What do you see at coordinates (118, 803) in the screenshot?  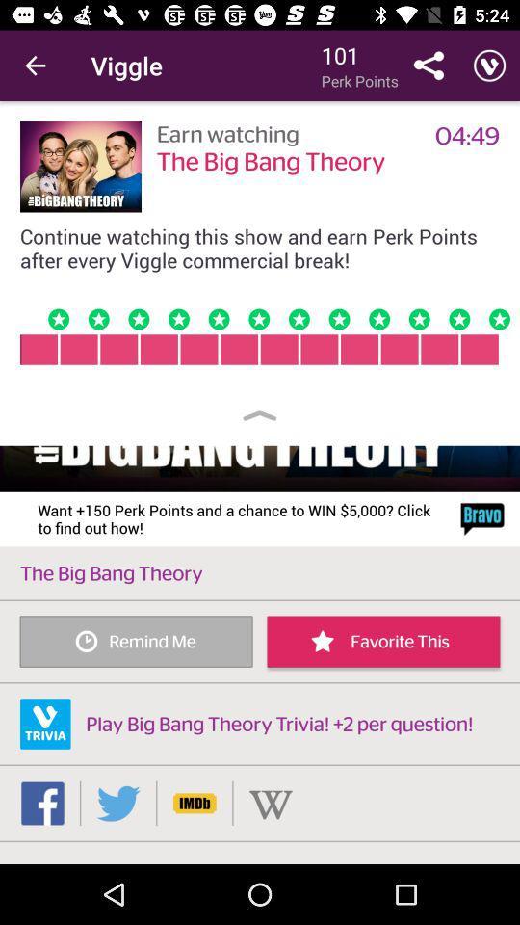 I see `the twitter icon` at bounding box center [118, 803].